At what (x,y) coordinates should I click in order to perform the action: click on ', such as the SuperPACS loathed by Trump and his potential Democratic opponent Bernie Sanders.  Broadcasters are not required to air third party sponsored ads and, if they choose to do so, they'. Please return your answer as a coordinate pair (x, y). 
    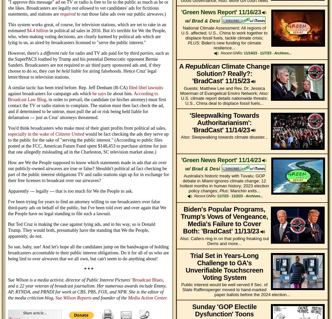
    Looking at the image, I should click on (8, 62).